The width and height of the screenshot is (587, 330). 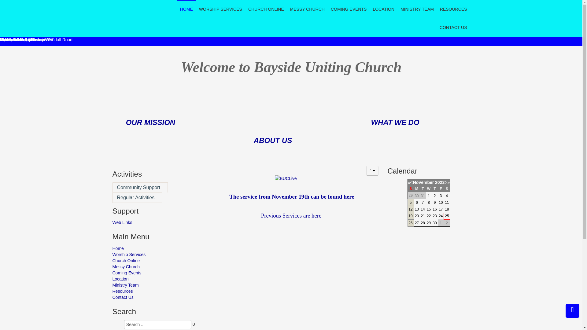 What do you see at coordinates (422, 223) in the screenshot?
I see `'28'` at bounding box center [422, 223].